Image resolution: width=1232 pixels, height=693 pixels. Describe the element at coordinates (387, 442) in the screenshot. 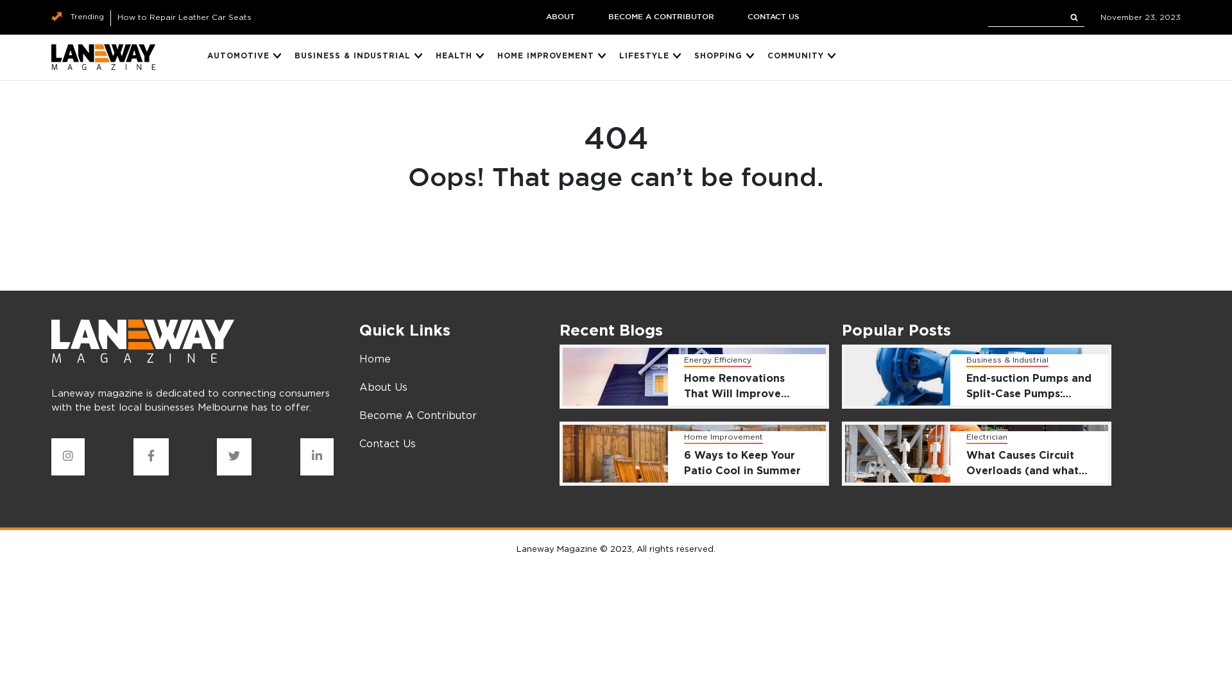

I see `'Contact Us'` at that location.